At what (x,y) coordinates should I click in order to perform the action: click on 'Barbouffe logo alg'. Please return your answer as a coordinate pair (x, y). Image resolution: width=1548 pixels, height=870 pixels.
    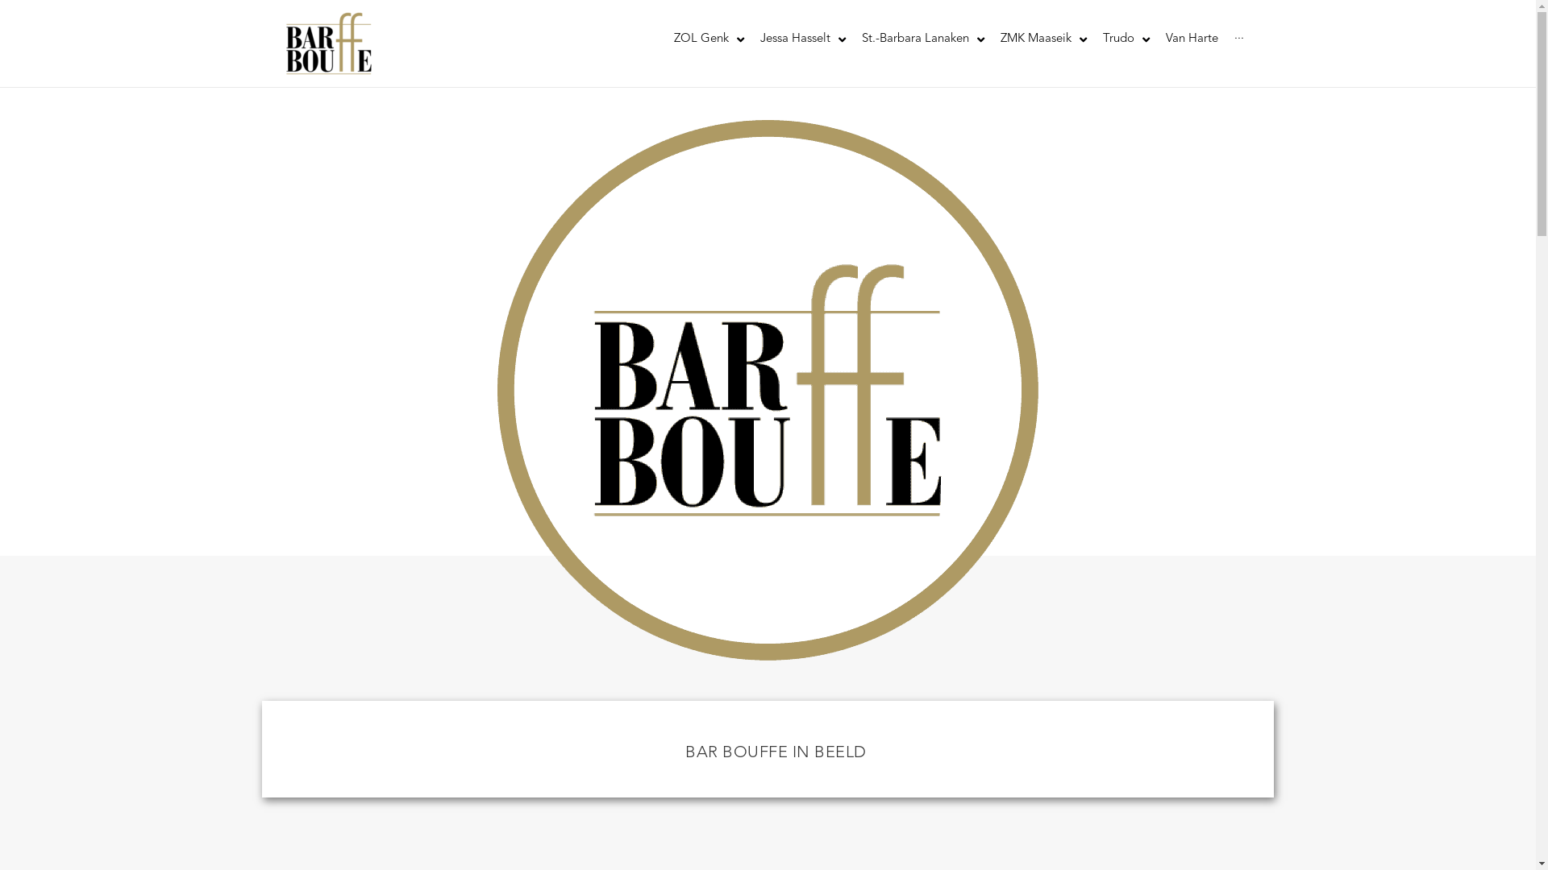
    Looking at the image, I should click on (767, 390).